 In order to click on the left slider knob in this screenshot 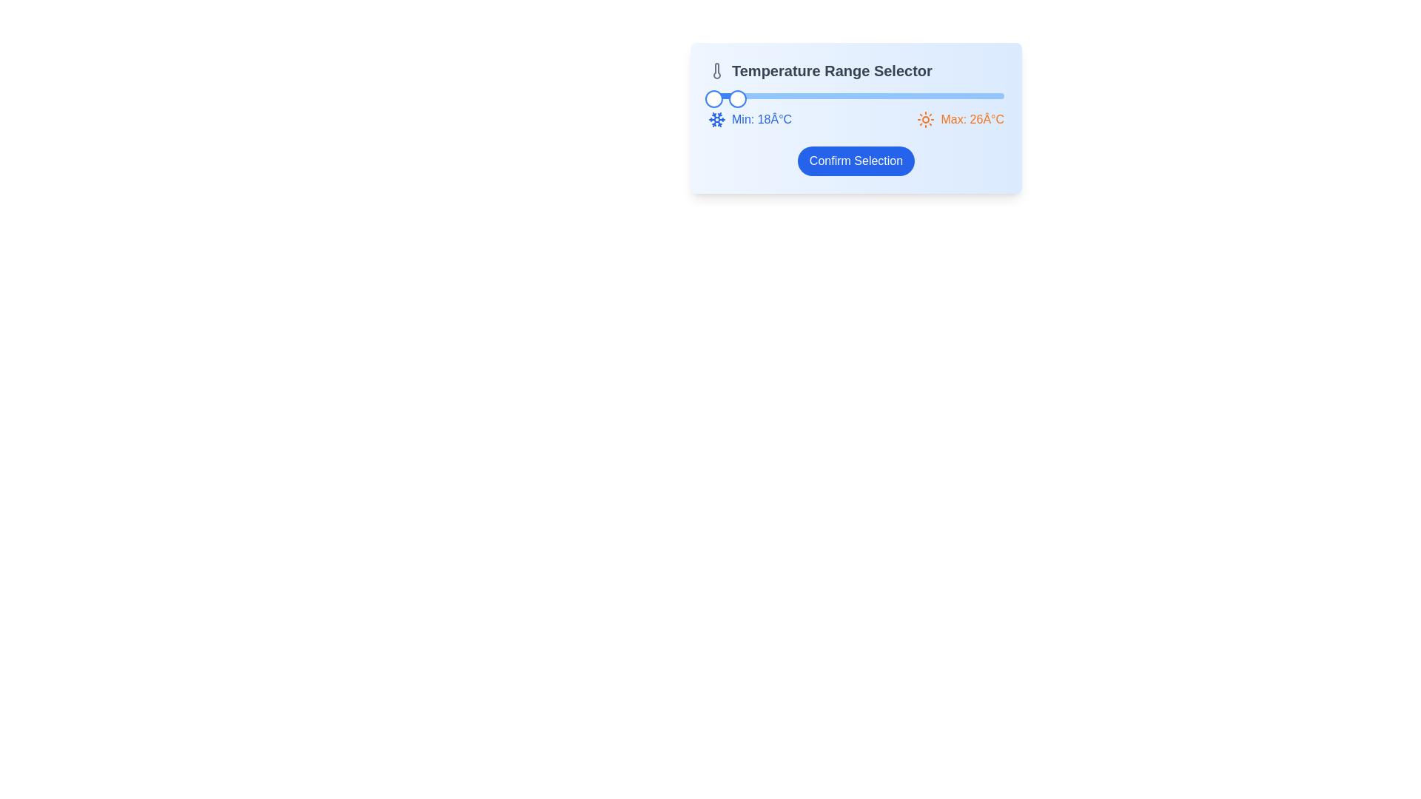, I will do `click(770, 99)`.